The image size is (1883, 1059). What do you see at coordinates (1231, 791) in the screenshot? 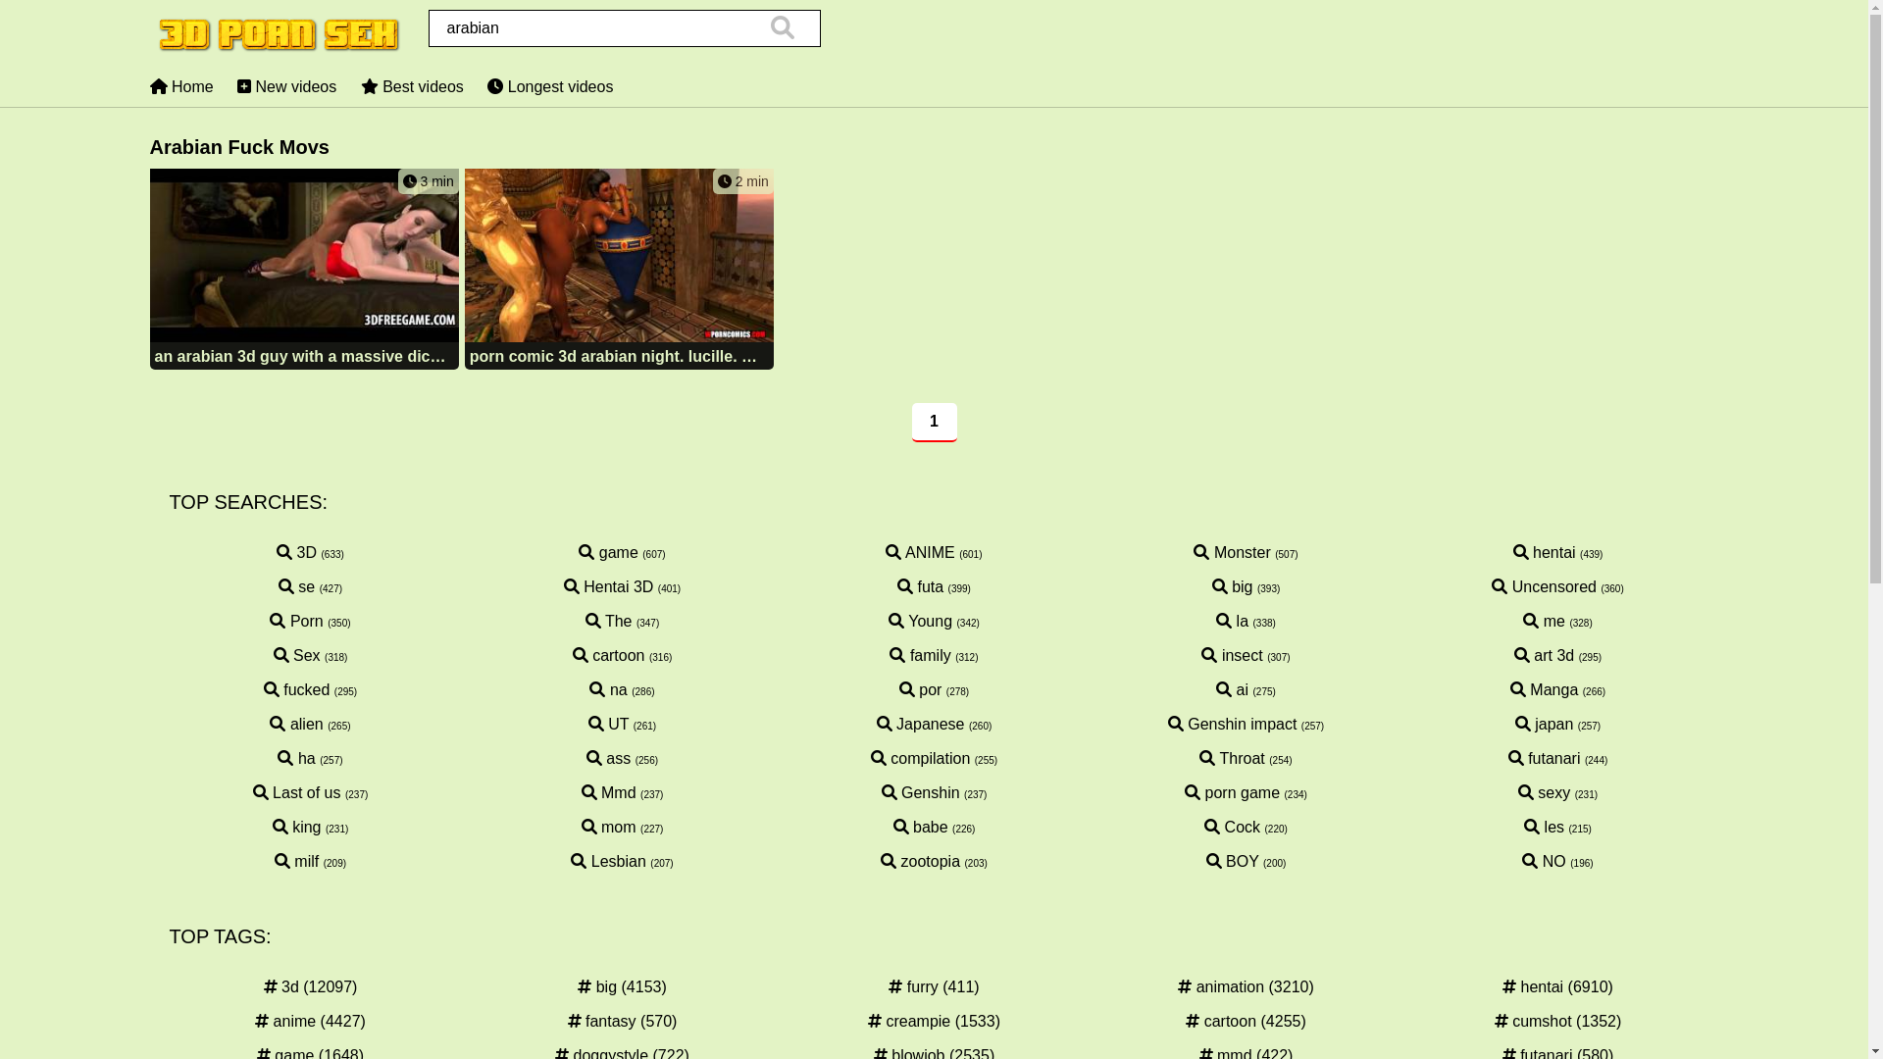
I see `'porn game'` at bounding box center [1231, 791].